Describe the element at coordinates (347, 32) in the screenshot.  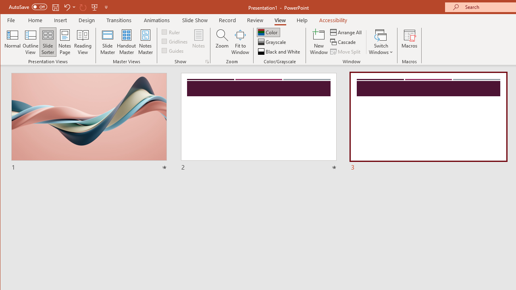
I see `'Arrange All'` at that location.